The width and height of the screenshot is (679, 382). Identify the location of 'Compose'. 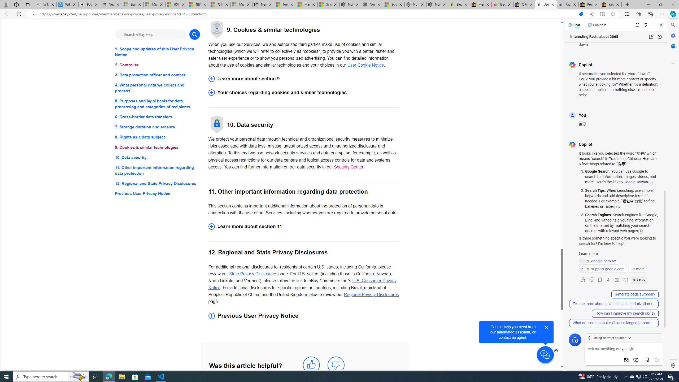
(597, 24).